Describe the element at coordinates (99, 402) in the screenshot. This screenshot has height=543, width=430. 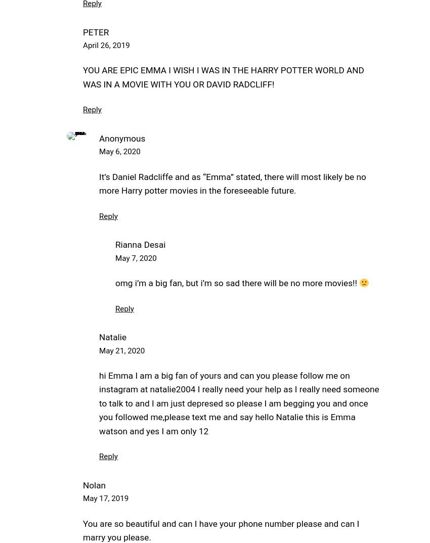
I see `'hi Emma I am a big fan of yours and can you please follow me on instagram at natalie2004 I really need your help as I really need someone to talk to and I am just depresed so please I am begging you and once you followed me,please text me and say hello Natalie this is Emma watson and yes I am only 12'` at that location.